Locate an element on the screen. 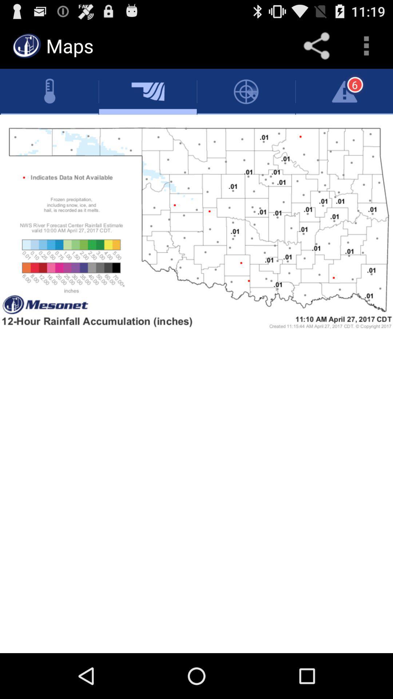 The width and height of the screenshot is (393, 699). share is located at coordinates (316, 45).